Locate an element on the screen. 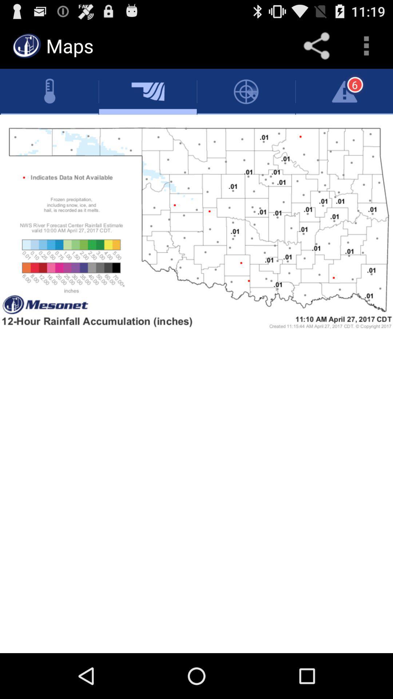 The width and height of the screenshot is (393, 699). share is located at coordinates (316, 45).